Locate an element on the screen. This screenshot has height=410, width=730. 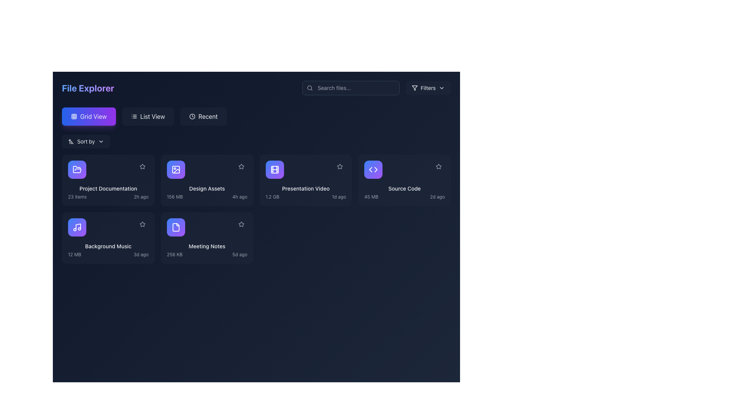
the text element displaying the file size for 'Design Assets' is located at coordinates (175, 197).